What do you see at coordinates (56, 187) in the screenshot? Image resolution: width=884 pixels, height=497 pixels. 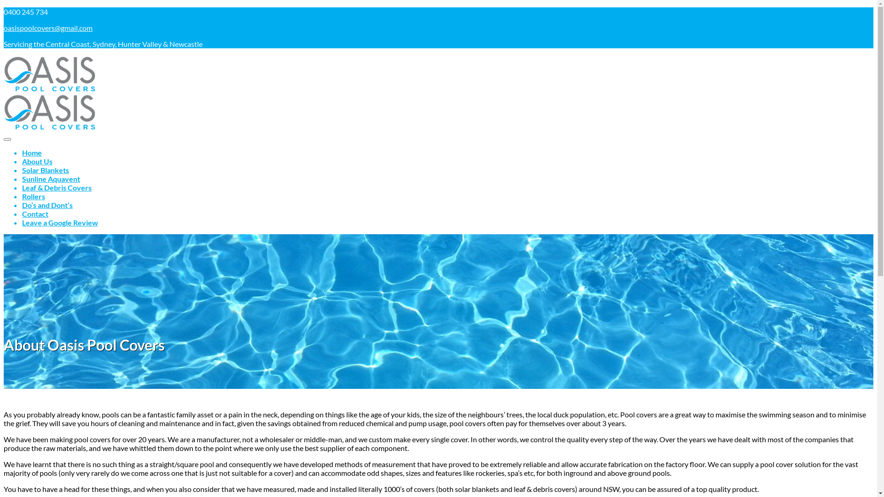 I see `'Leaf & Debris Covers'` at bounding box center [56, 187].